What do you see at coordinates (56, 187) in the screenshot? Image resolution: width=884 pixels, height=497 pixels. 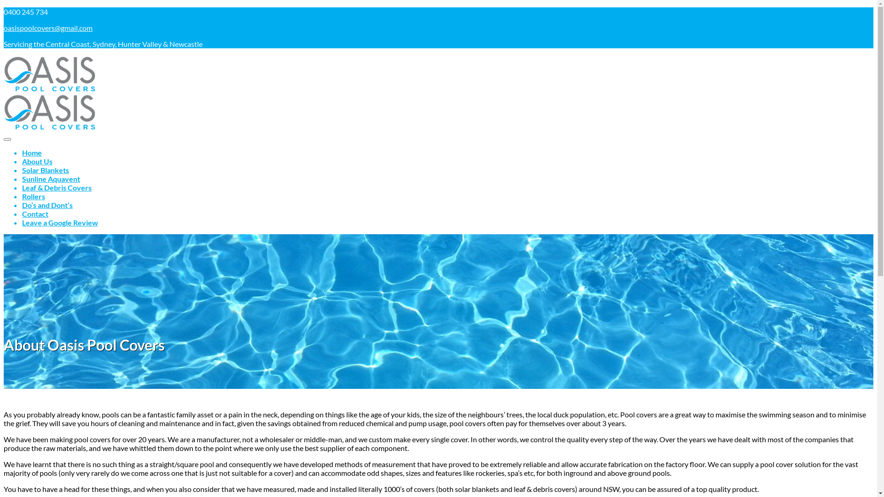 I see `'Leaf & Debris Covers'` at bounding box center [56, 187].